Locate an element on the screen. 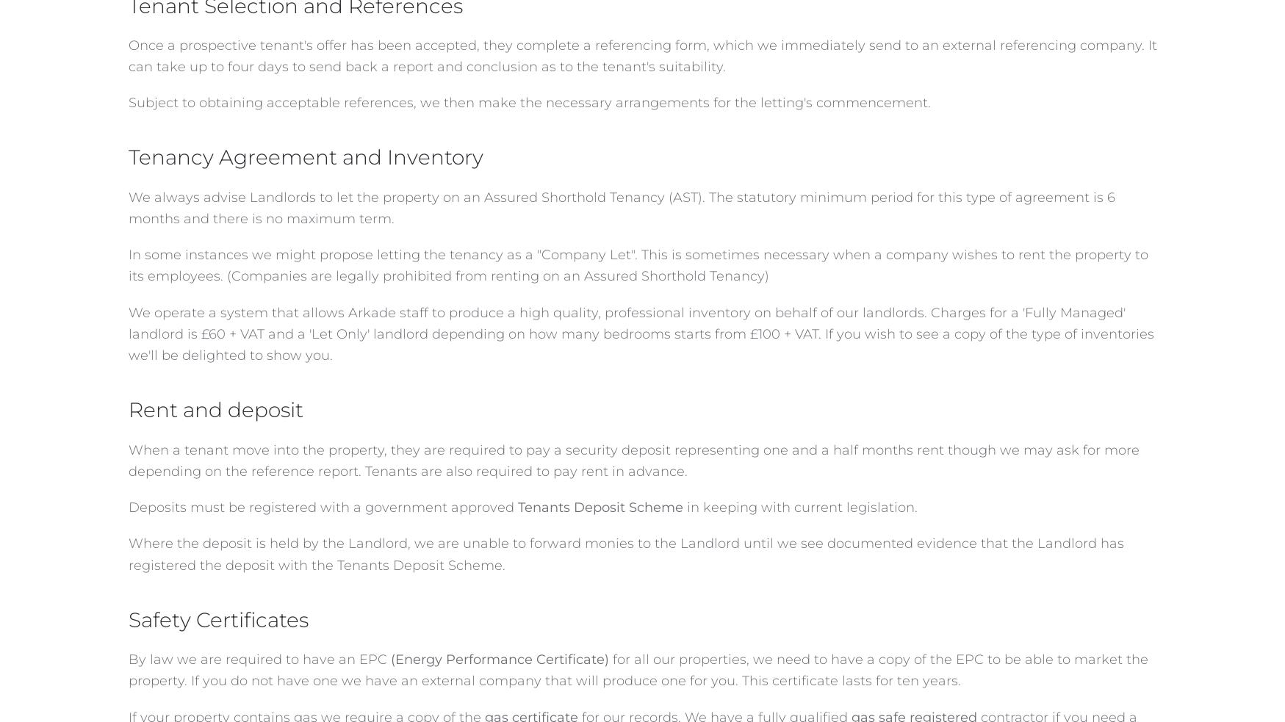 The width and height of the screenshot is (1285, 722). 'Tenants Deposit Scheme' is located at coordinates (516, 507).